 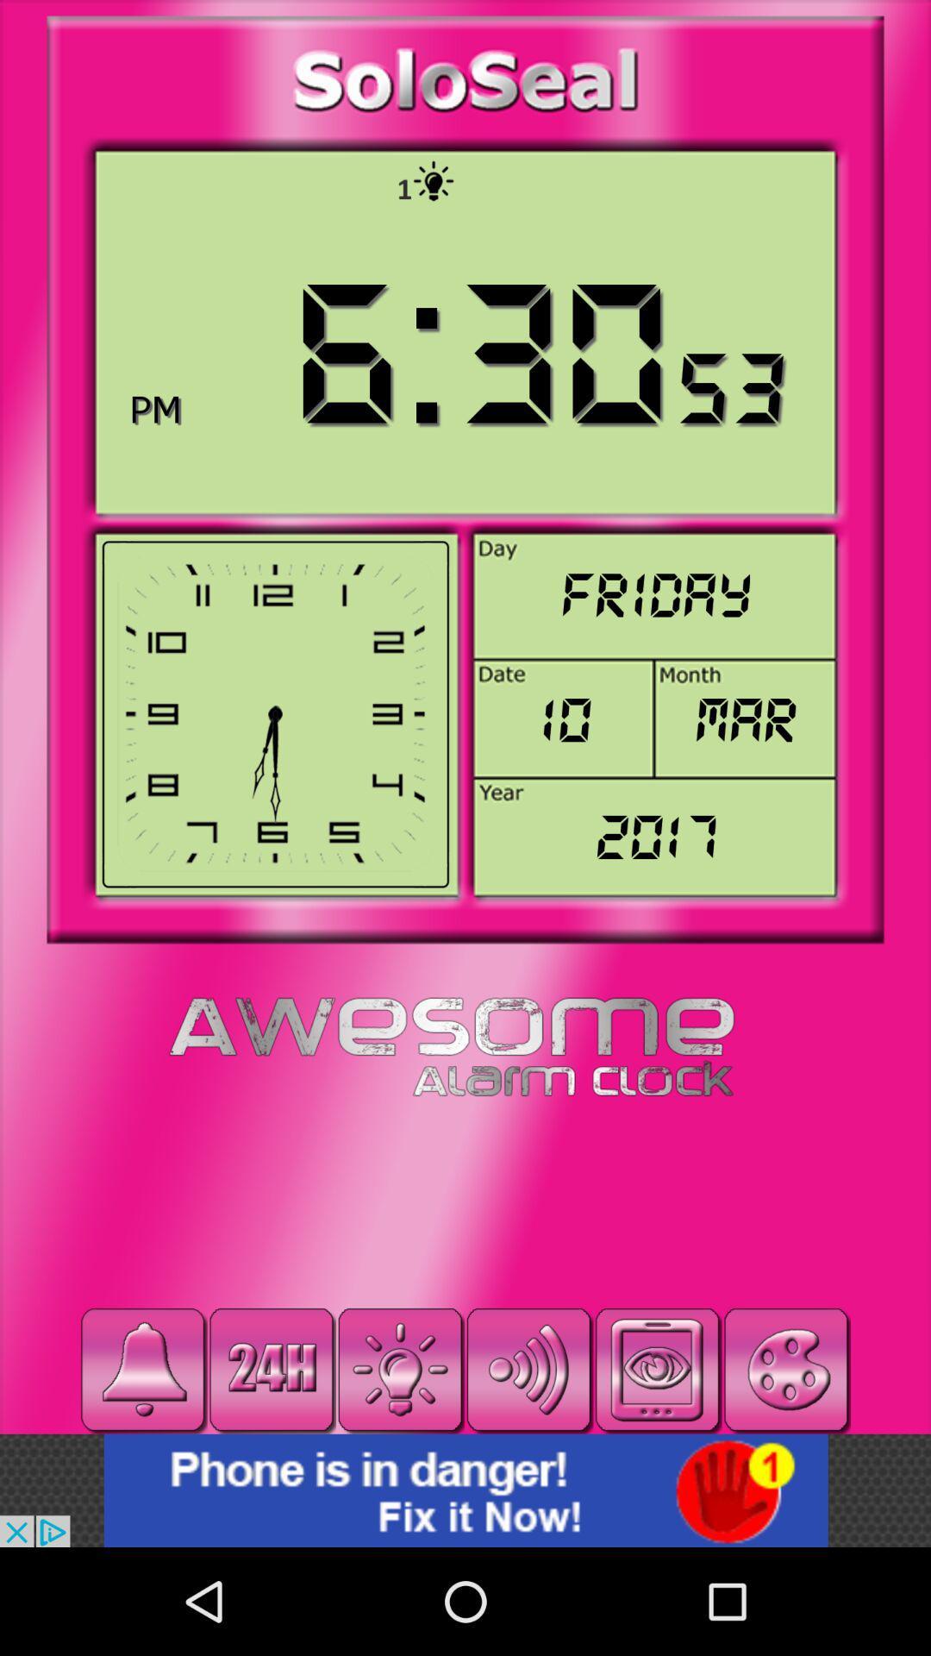 What do you see at coordinates (400, 1369) in the screenshot?
I see `adjust brightness` at bounding box center [400, 1369].